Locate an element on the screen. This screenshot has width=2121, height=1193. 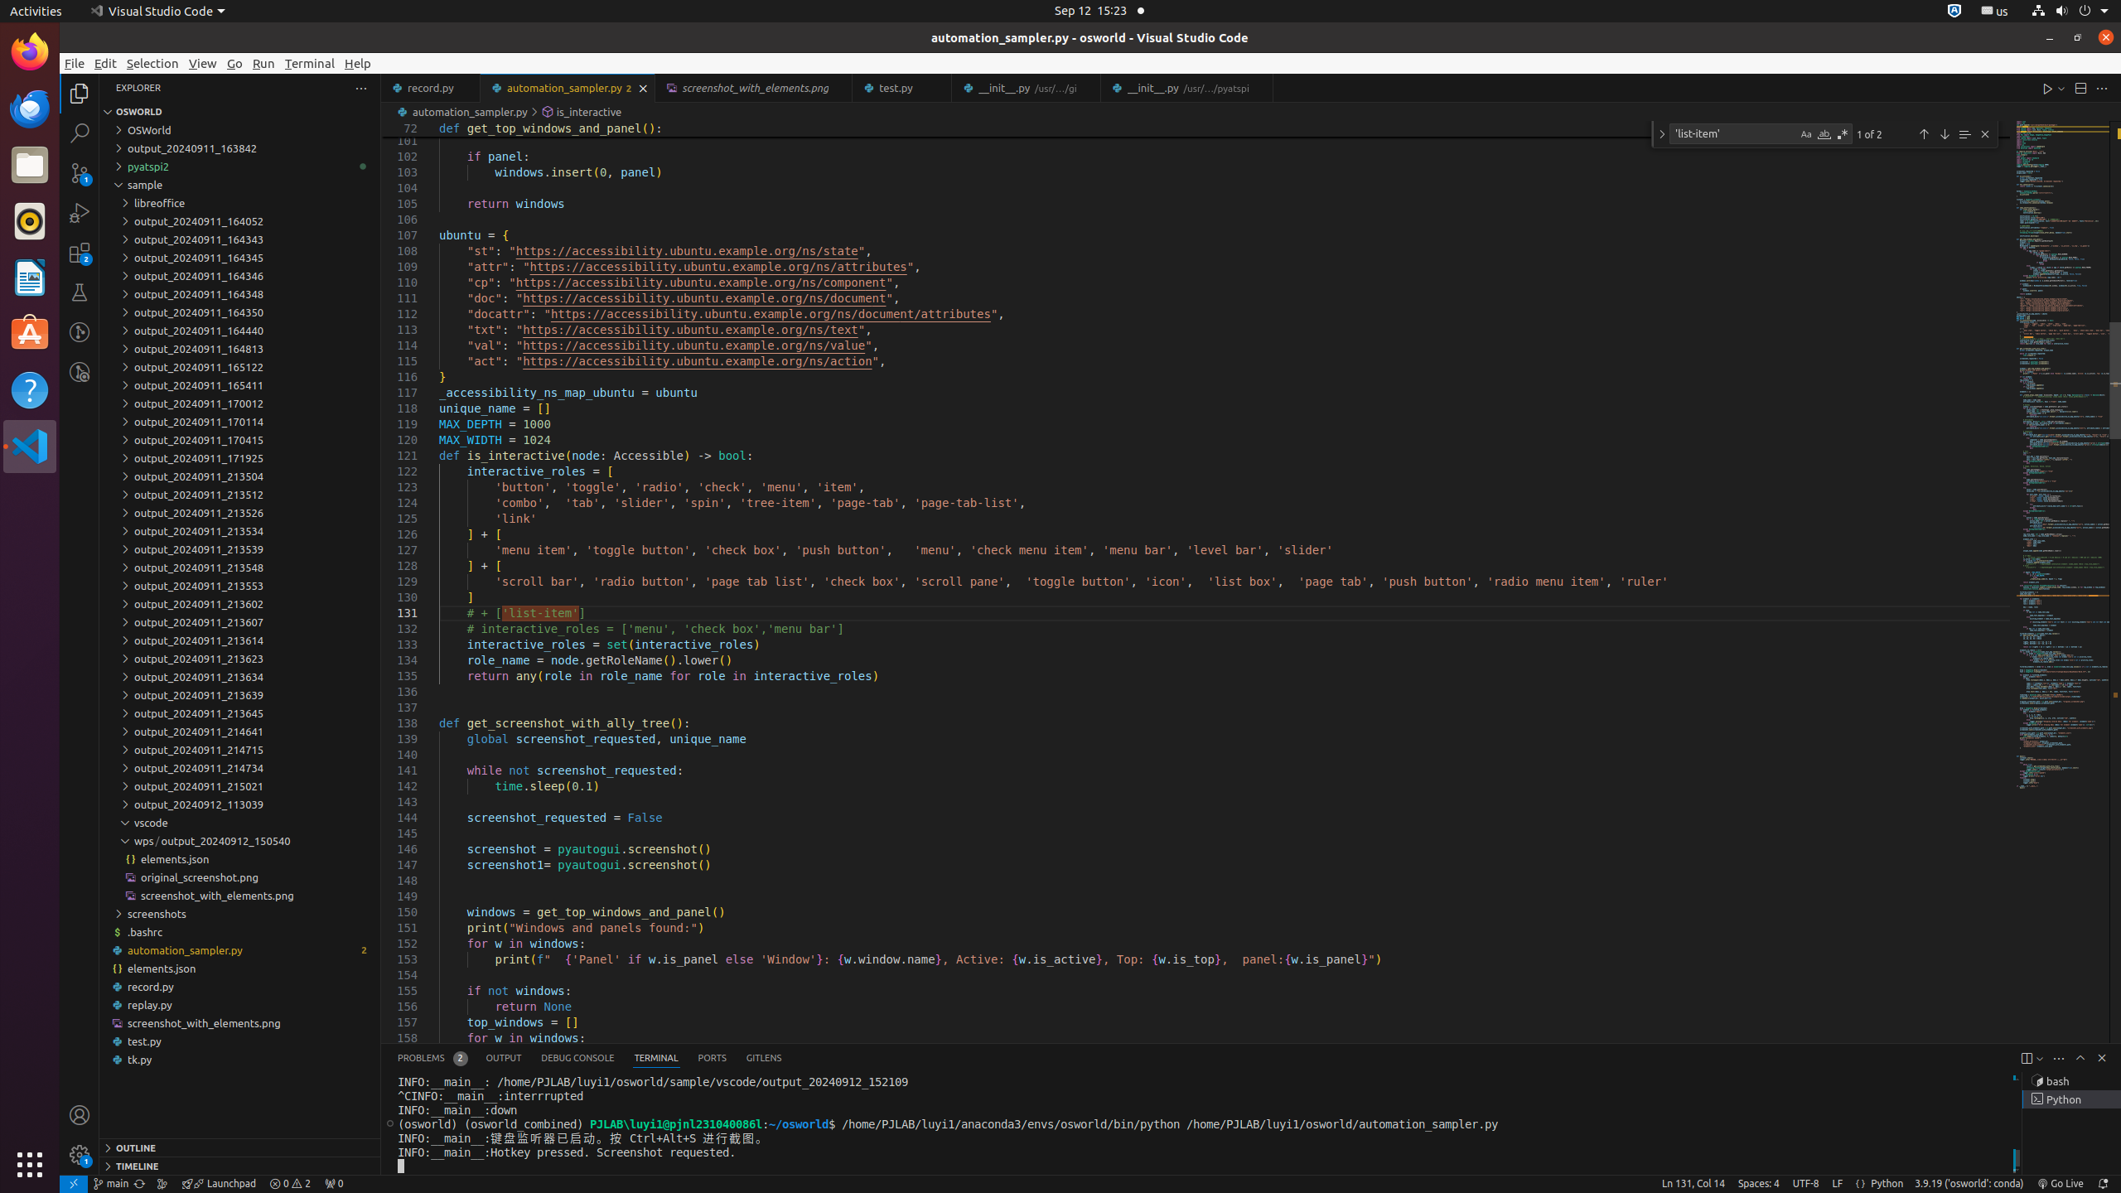
'output_20240911_170114' is located at coordinates (239, 422).